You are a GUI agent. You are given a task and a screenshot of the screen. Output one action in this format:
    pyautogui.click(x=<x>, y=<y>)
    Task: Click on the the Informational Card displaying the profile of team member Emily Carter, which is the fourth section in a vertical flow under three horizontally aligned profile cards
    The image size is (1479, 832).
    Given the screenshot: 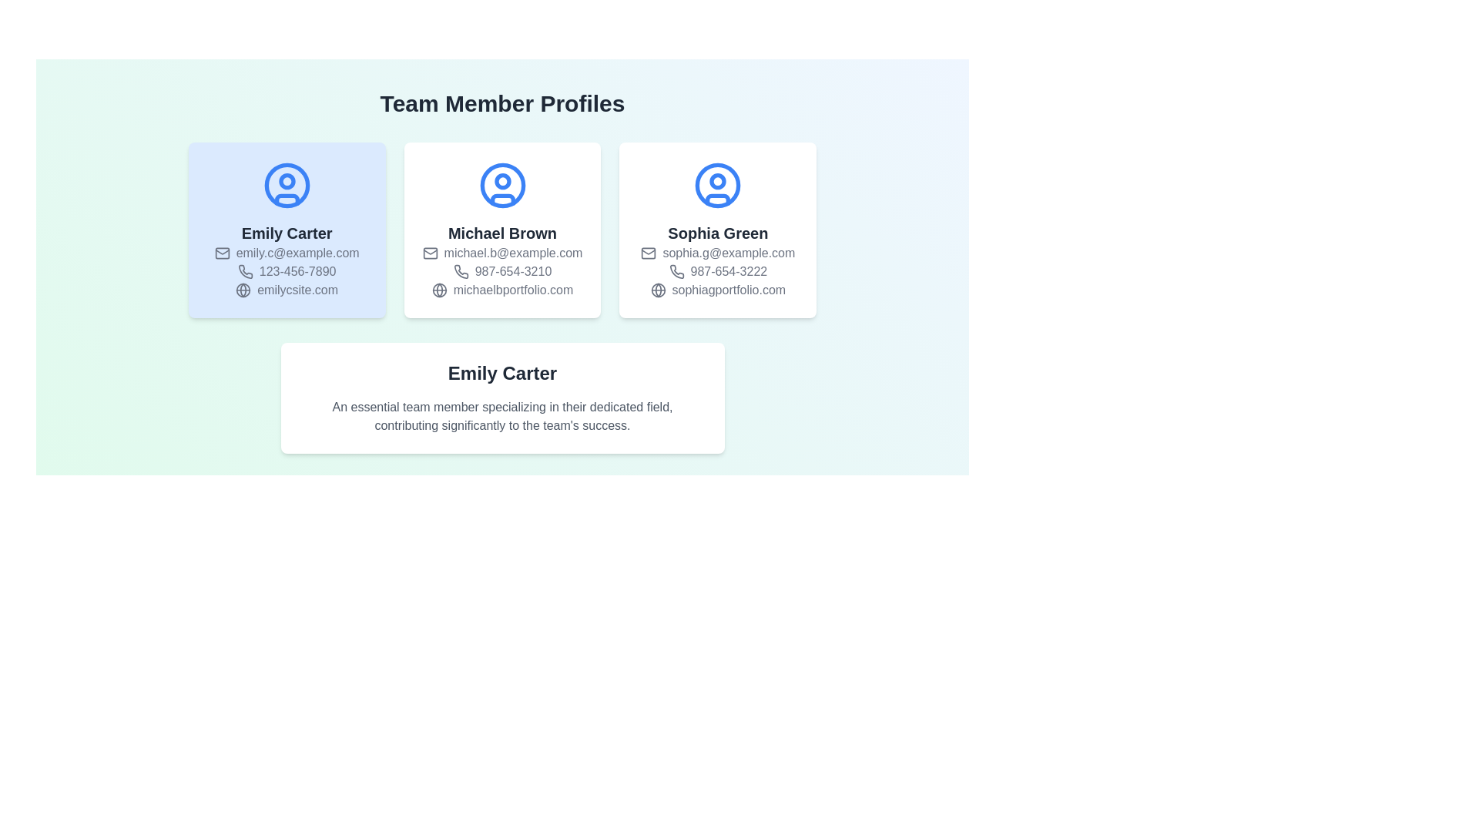 What is the action you would take?
    pyautogui.click(x=502, y=397)
    